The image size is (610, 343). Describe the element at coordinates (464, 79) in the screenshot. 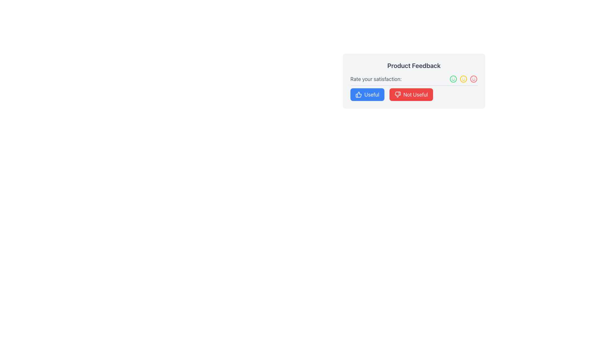

I see `the neutral expression face icon with a yellow outline` at that location.